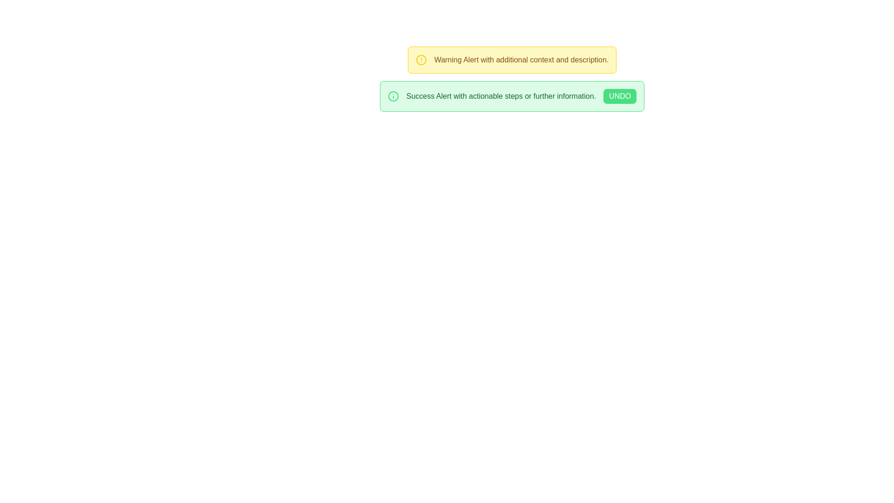  Describe the element at coordinates (620, 96) in the screenshot. I see `the undo button located in the lower green alert box titled 'Success Alert with actionable steps or further information'` at that location.